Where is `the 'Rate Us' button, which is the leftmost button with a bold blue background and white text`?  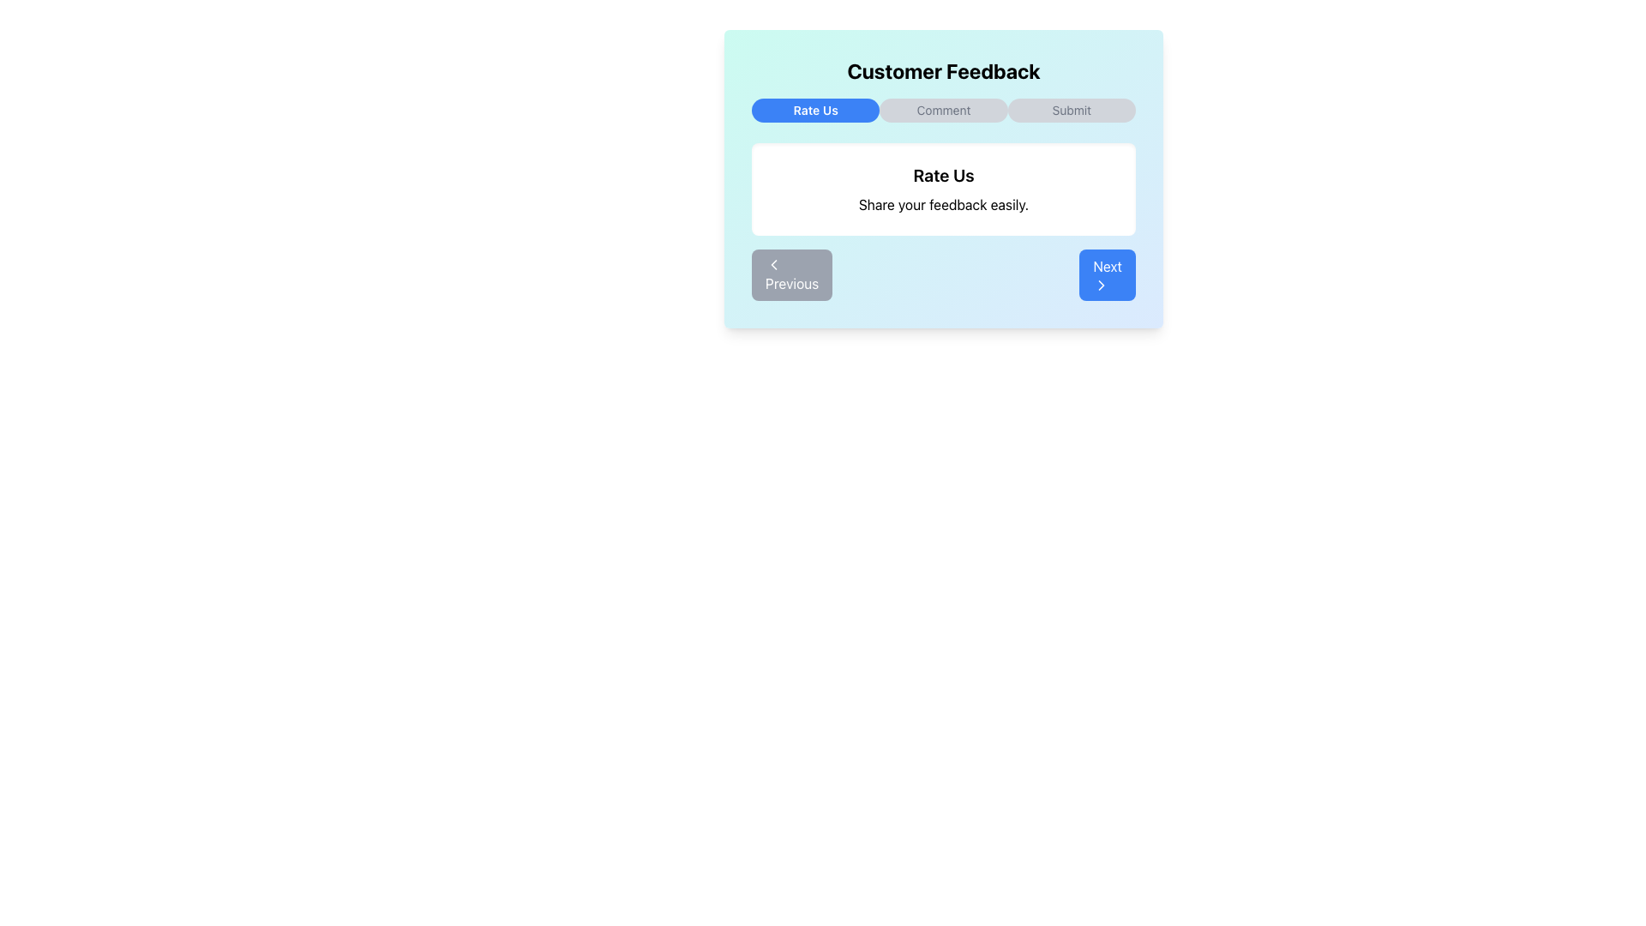 the 'Rate Us' button, which is the leftmost button with a bold blue background and white text is located at coordinates (814, 110).